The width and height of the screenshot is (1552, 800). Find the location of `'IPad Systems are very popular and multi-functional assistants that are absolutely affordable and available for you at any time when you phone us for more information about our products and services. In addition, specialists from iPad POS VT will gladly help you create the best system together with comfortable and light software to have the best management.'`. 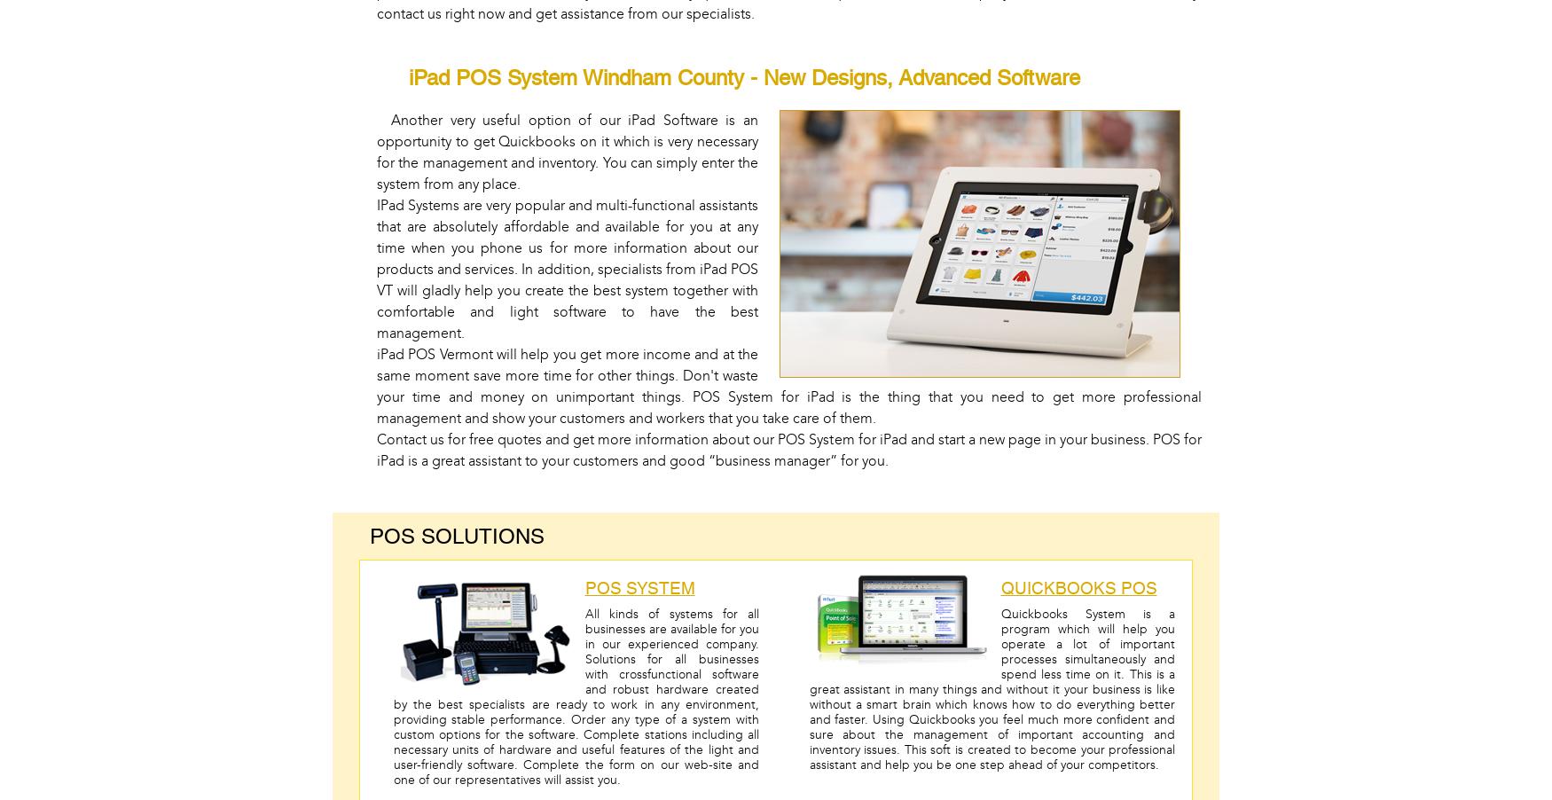

'IPad Systems are very popular and multi-functional assistants that are absolutely affordable and available for you at any time when you phone us for more information about our products and services. In addition, specialists from iPad POS VT will gladly help you create the best system together with comfortable and light software to have the best management.' is located at coordinates (566, 268).